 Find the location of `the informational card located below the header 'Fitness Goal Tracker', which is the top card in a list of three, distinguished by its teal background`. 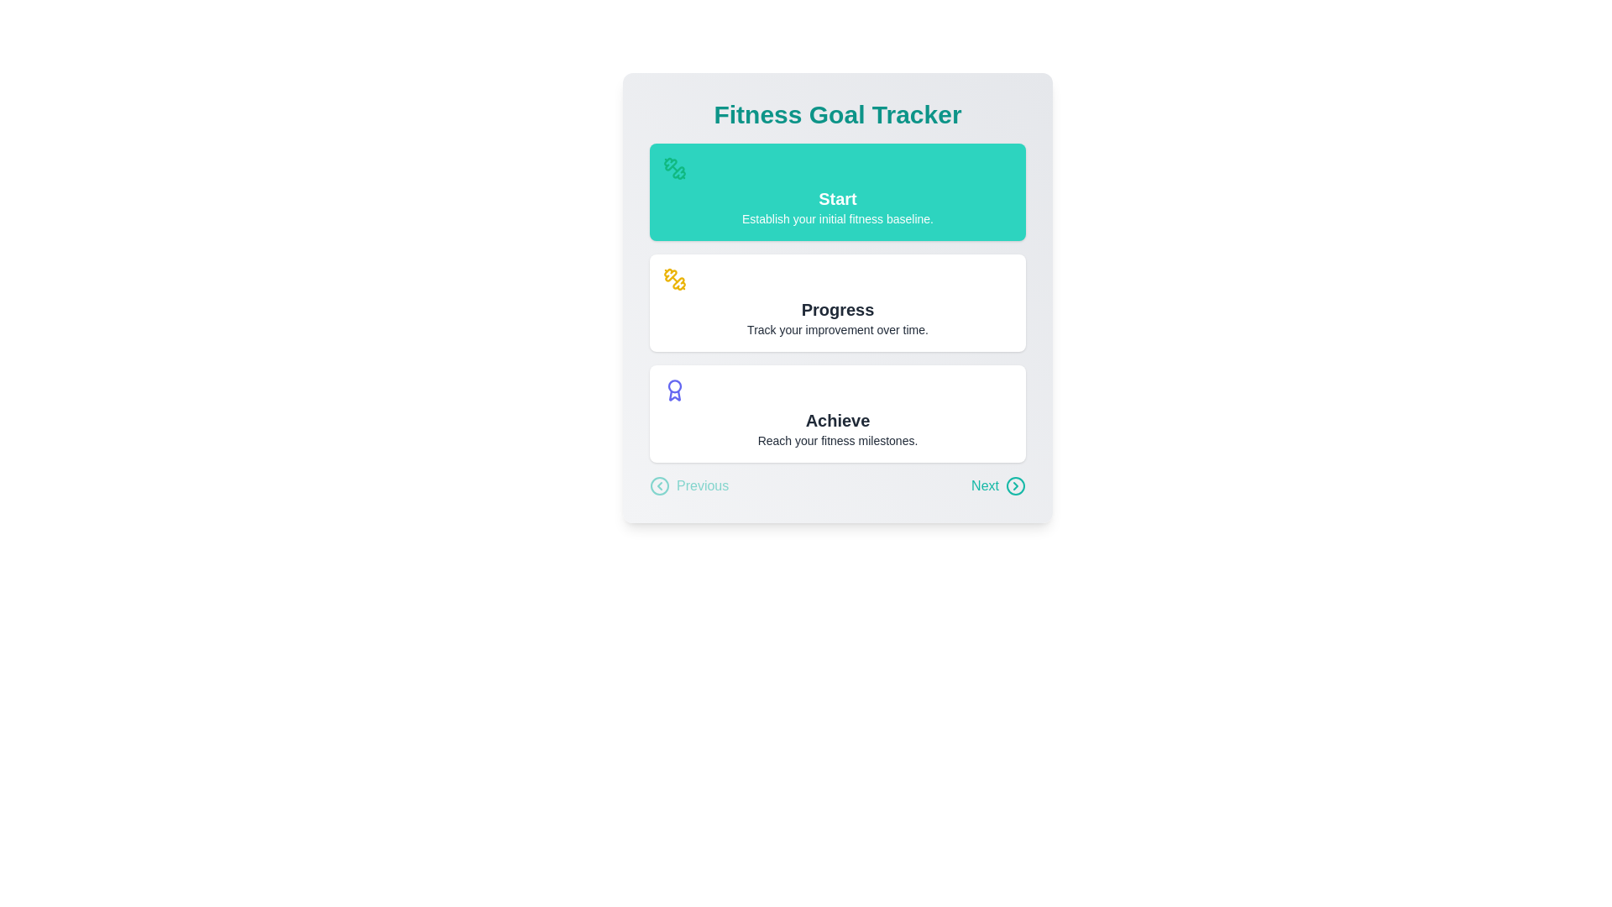

the informational card located below the header 'Fitness Goal Tracker', which is the top card in a list of three, distinguished by its teal background is located at coordinates (838, 191).